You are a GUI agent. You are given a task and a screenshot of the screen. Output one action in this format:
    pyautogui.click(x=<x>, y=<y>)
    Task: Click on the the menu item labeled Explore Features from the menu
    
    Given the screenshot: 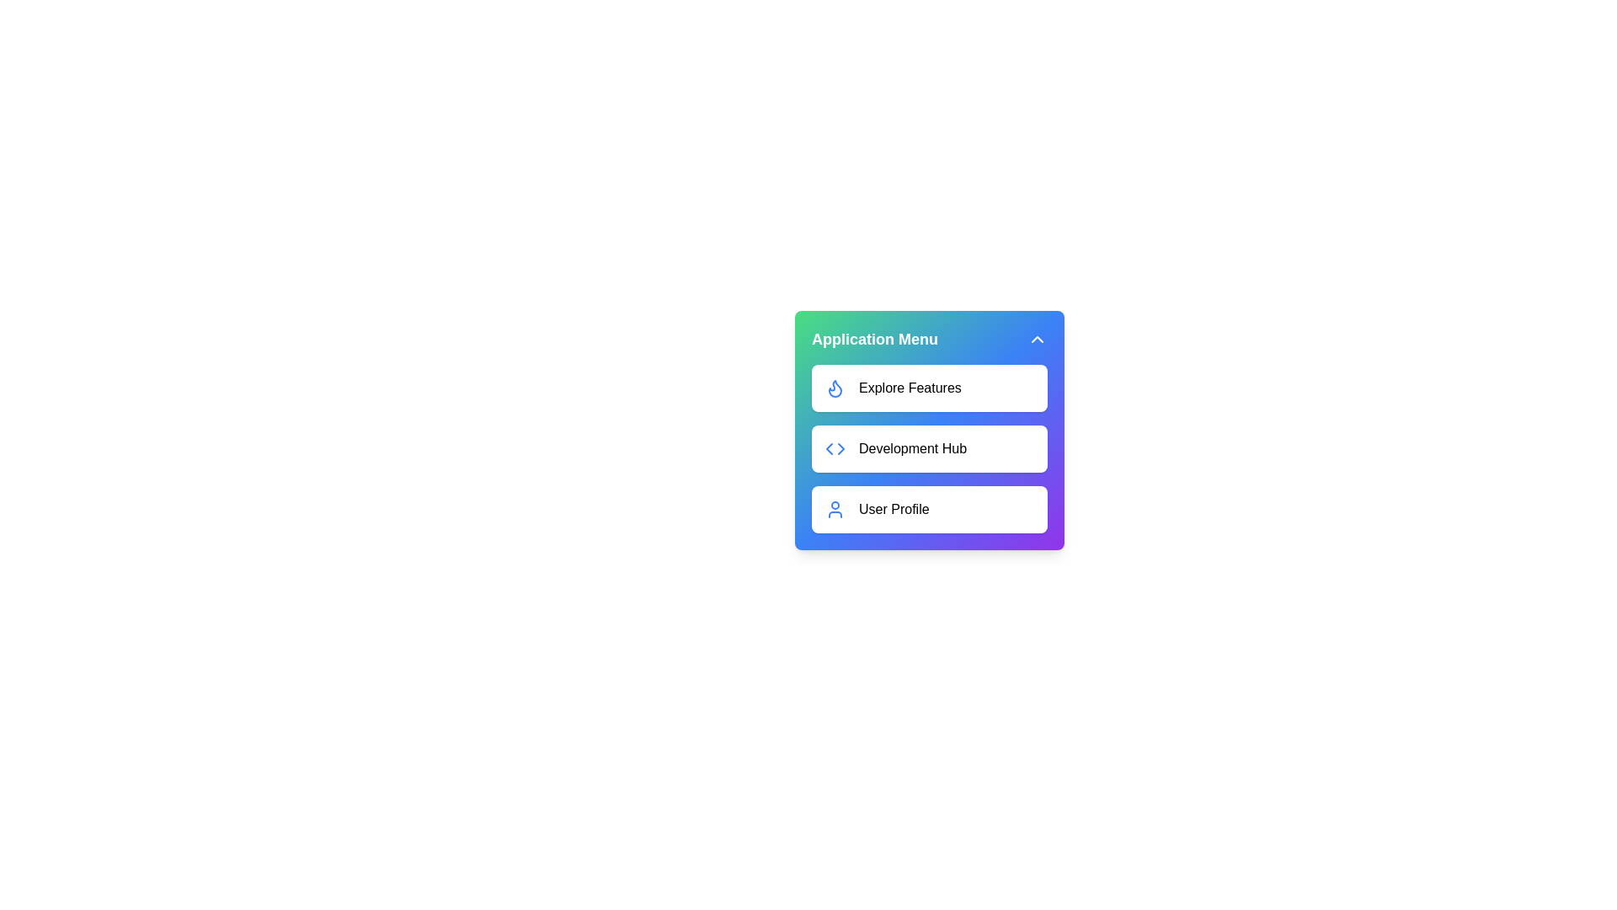 What is the action you would take?
    pyautogui.click(x=929, y=388)
    